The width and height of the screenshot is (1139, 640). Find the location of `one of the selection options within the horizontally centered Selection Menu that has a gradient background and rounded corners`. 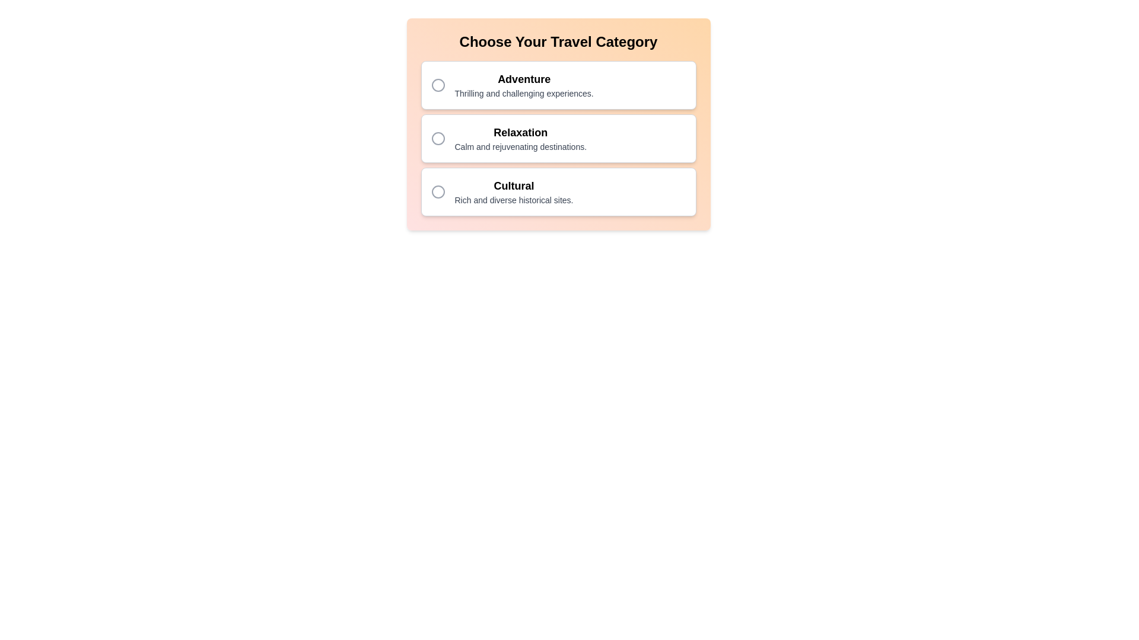

one of the selection options within the horizontally centered Selection Menu that has a gradient background and rounded corners is located at coordinates (558, 124).